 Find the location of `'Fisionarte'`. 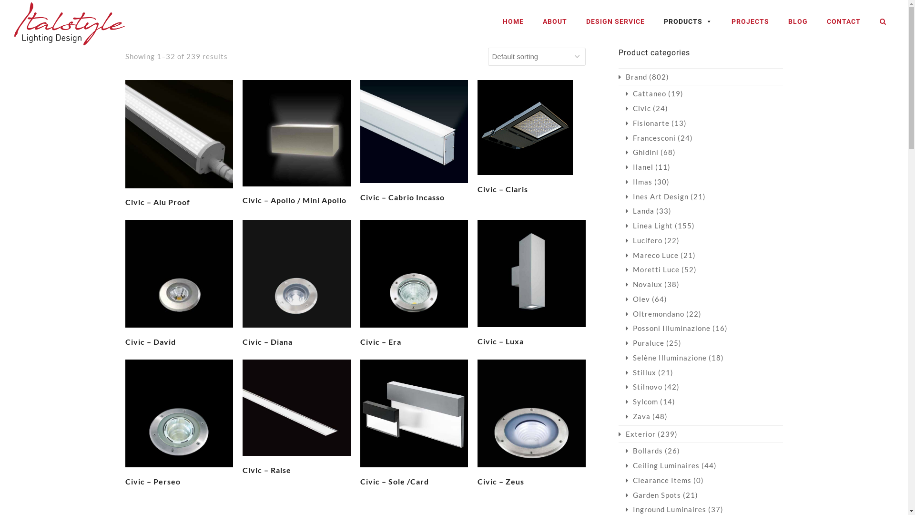

'Fisionarte' is located at coordinates (647, 123).